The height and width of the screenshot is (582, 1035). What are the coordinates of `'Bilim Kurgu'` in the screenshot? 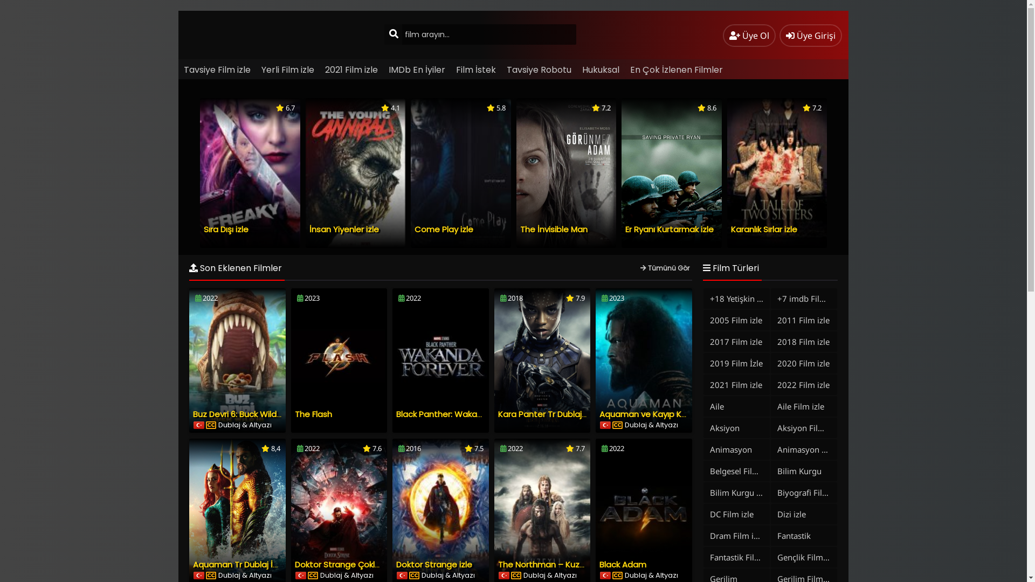 It's located at (804, 470).